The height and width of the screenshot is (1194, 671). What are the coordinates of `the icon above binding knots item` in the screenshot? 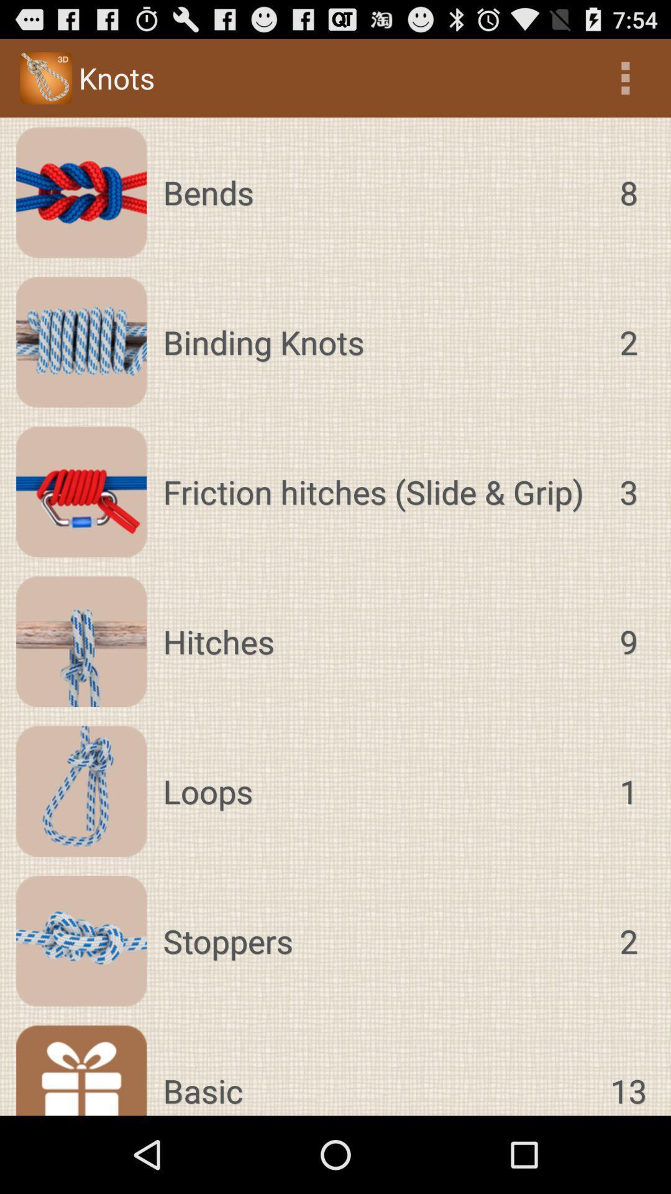 It's located at (378, 192).